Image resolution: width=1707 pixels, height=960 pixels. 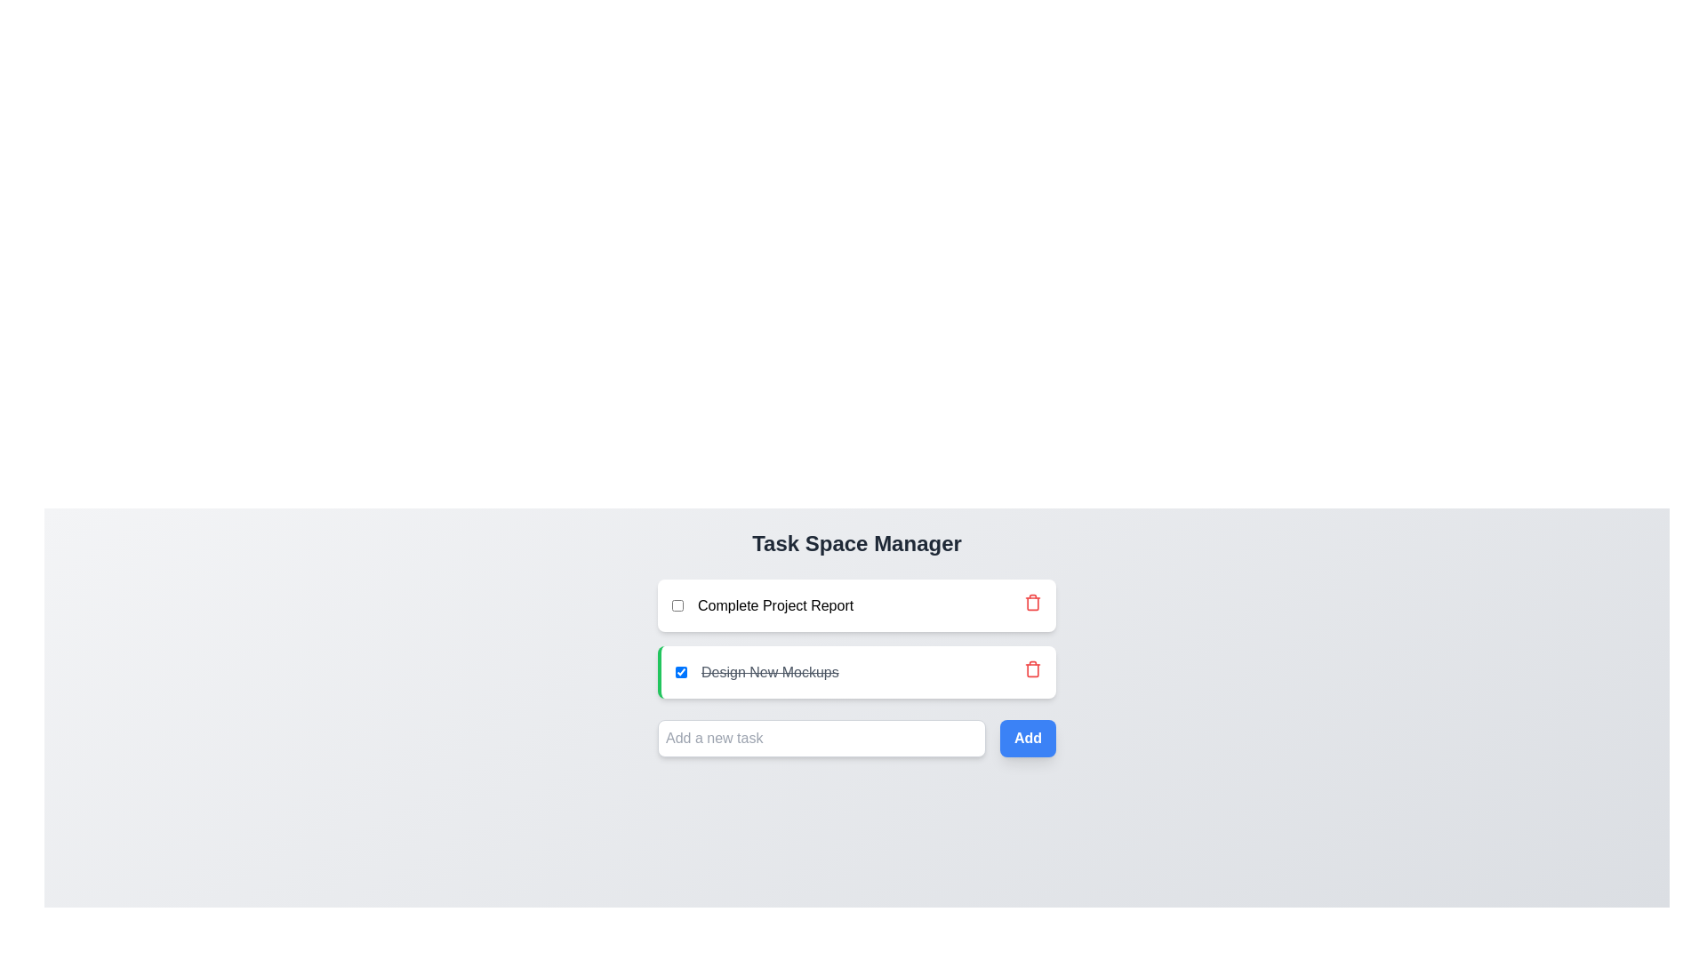 What do you see at coordinates (775, 604) in the screenshot?
I see `the non-interactive Text label displaying the task title, which is positioned directly to the right of an interactive checkbox under 'Task Space Manager'` at bounding box center [775, 604].